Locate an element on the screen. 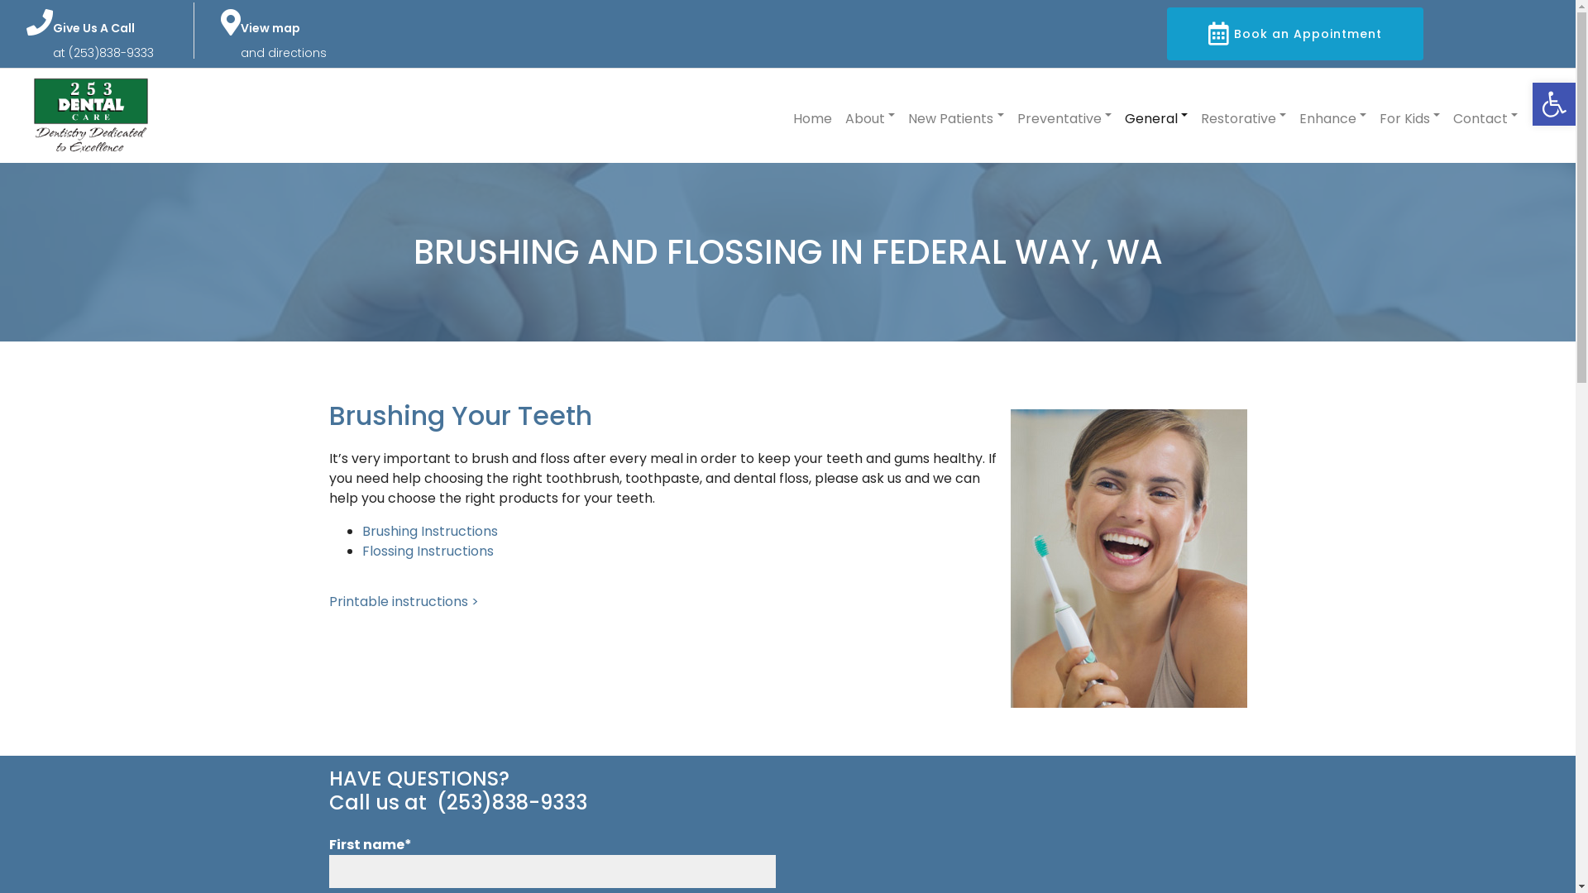 This screenshot has height=893, width=1588. 'Flossing Instructions' is located at coordinates (428, 551).